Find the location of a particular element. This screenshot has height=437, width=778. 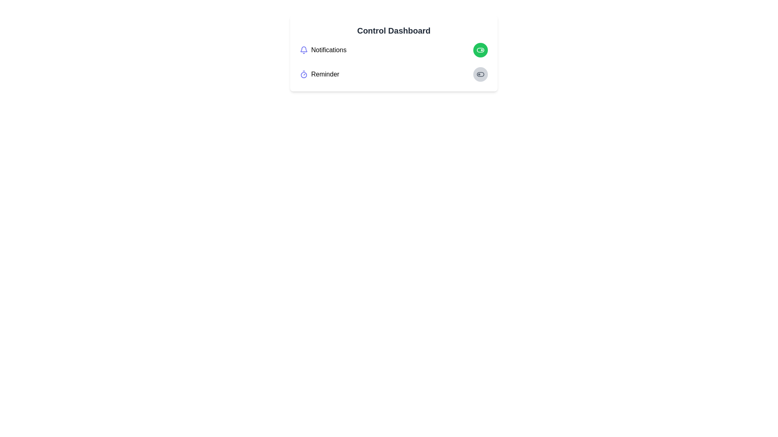

the circular green toggle switch styled as 'on', which is located to the far right of the 'Notifications' label is located at coordinates (480, 50).